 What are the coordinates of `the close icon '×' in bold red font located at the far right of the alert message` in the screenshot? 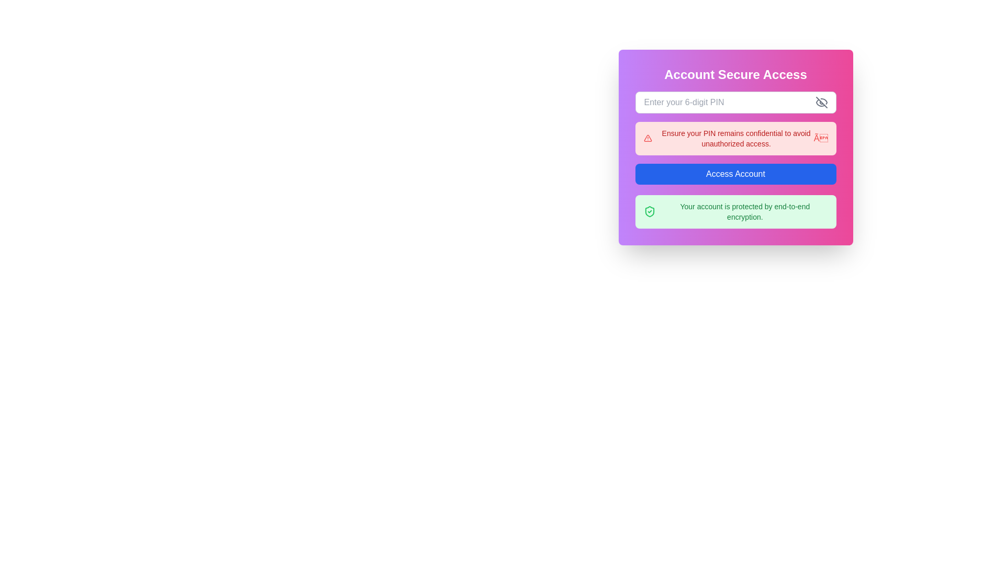 It's located at (820, 138).